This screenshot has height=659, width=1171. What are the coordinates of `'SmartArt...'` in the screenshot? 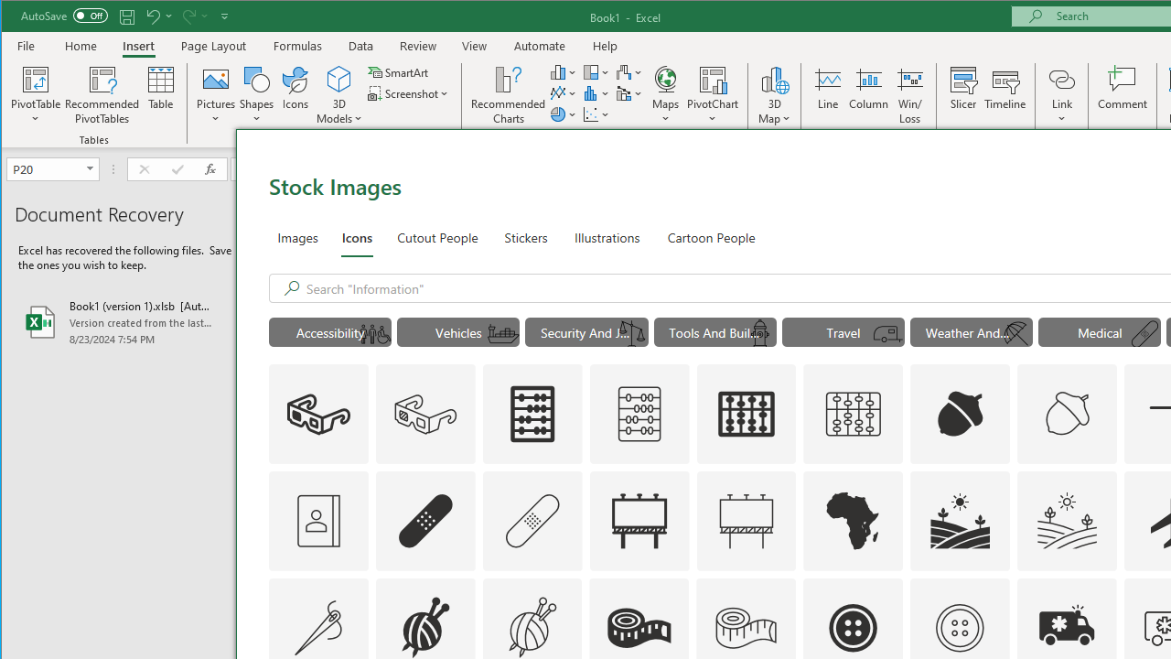 It's located at (399, 71).